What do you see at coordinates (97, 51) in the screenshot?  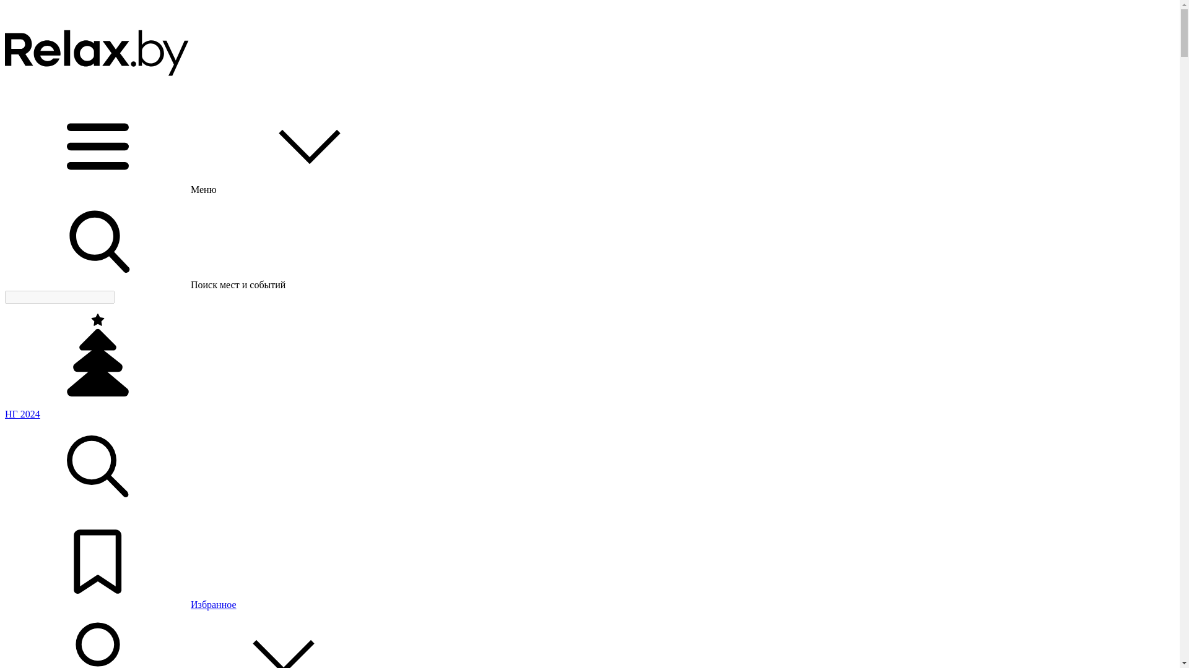 I see `'logo'` at bounding box center [97, 51].